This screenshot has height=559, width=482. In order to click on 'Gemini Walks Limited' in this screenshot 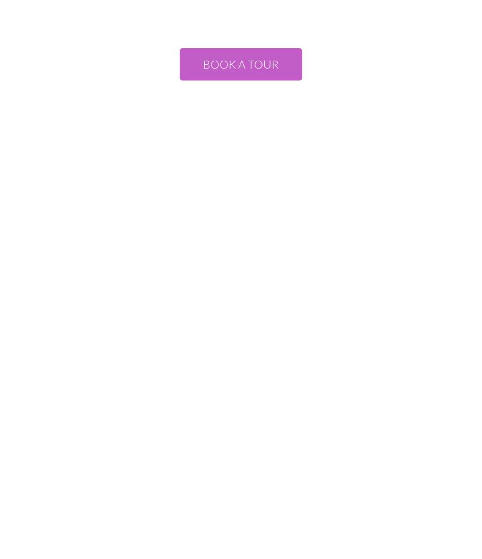, I will do `click(240, 325)`.